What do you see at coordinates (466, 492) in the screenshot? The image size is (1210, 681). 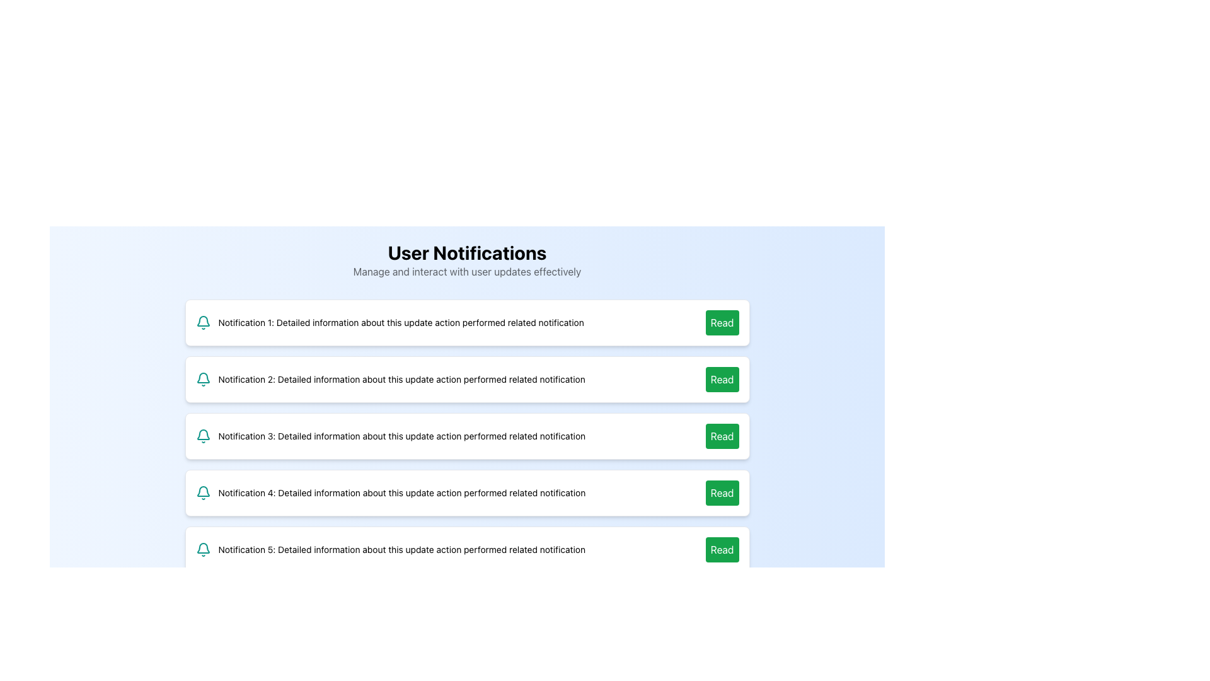 I see `the fourth notification card in the vertical list to focus on it, which displays information about a specific update or action` at bounding box center [466, 492].